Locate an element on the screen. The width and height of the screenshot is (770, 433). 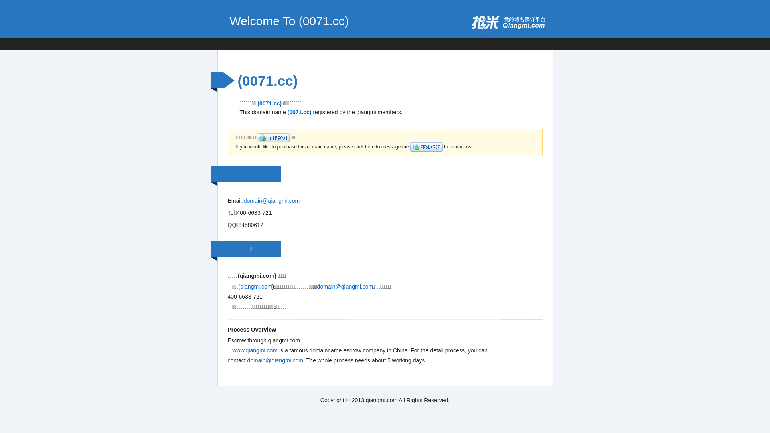
'www.qiangmi.com' is located at coordinates (232, 350).